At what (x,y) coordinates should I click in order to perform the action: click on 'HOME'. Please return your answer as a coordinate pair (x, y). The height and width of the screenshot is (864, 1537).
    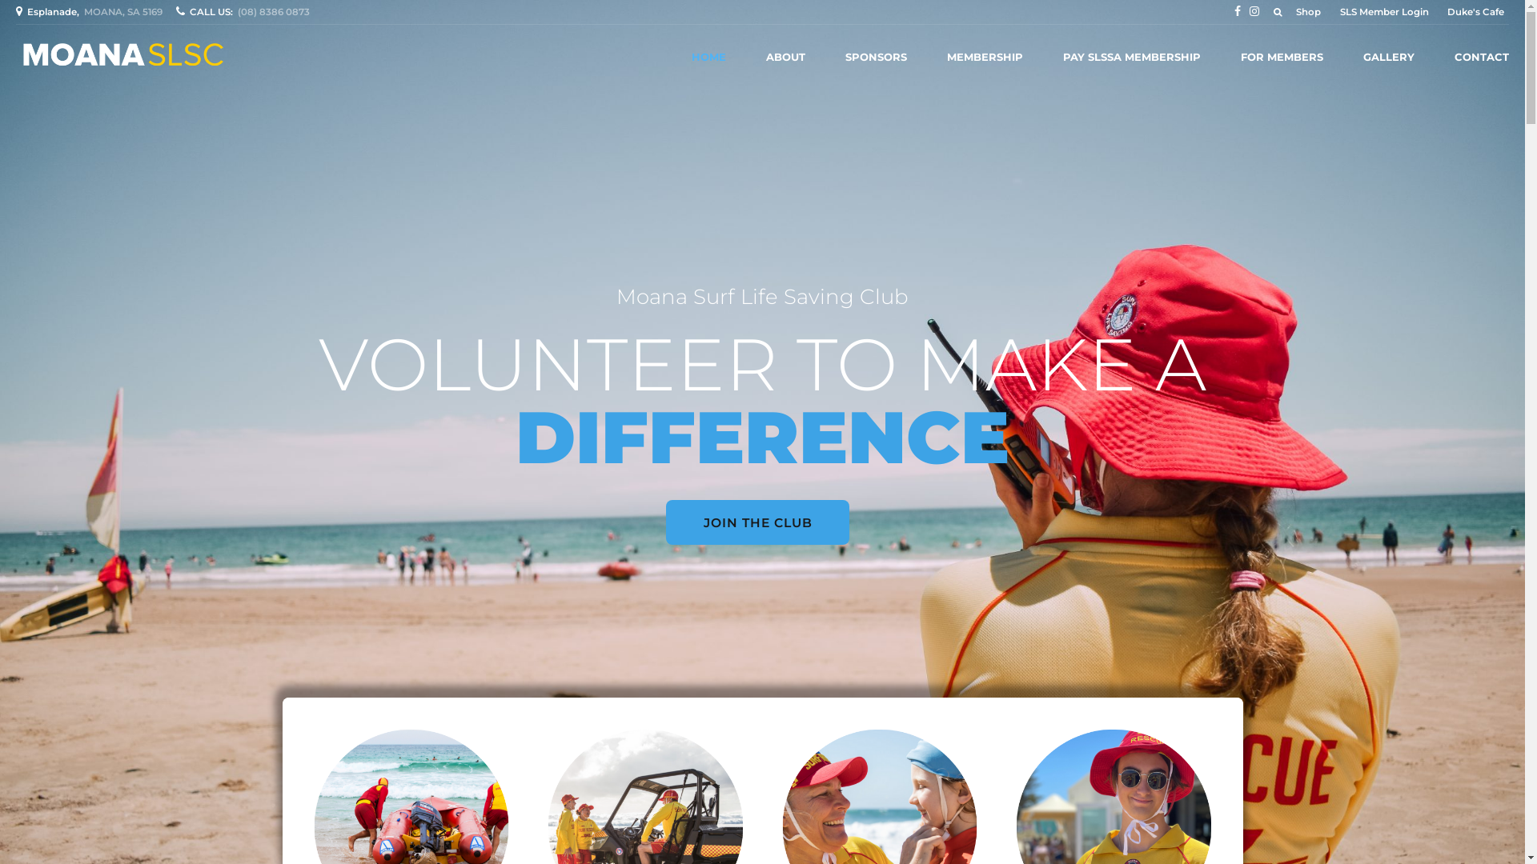
    Looking at the image, I should click on (708, 55).